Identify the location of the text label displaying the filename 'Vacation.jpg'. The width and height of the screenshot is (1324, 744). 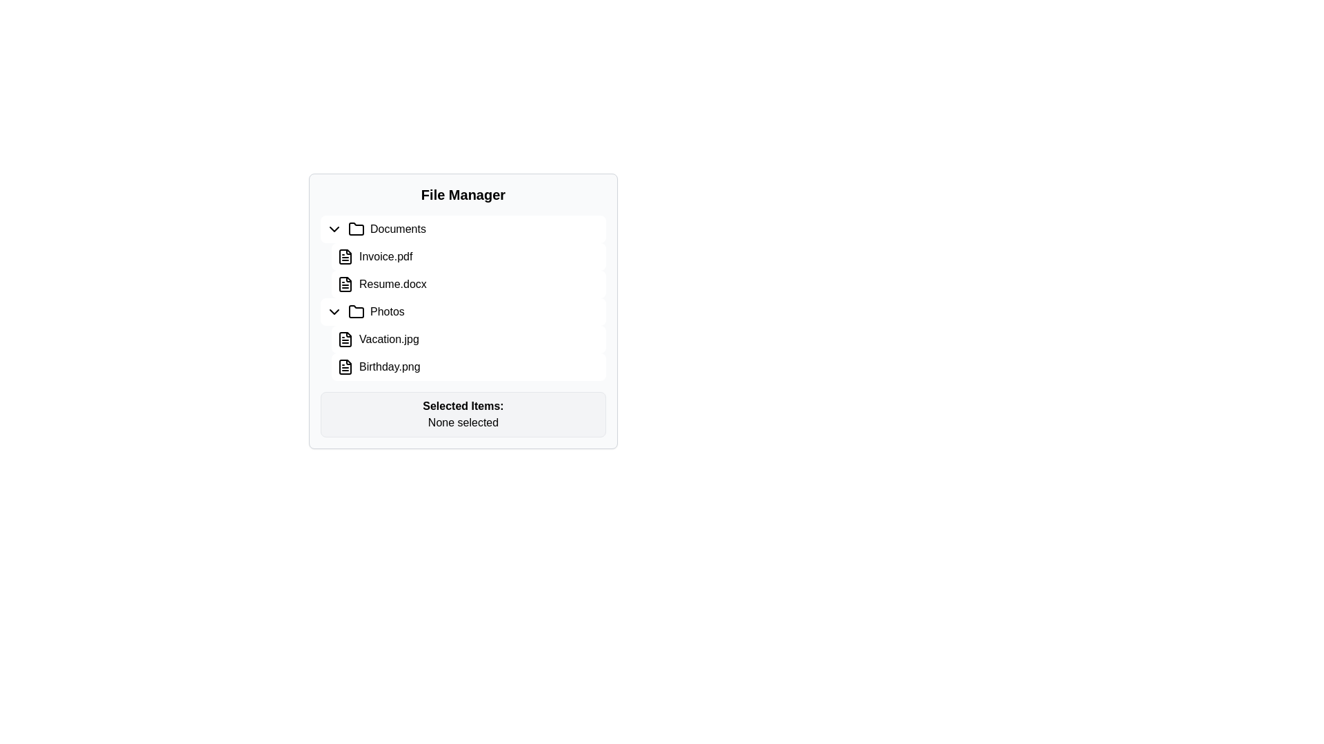
(388, 340).